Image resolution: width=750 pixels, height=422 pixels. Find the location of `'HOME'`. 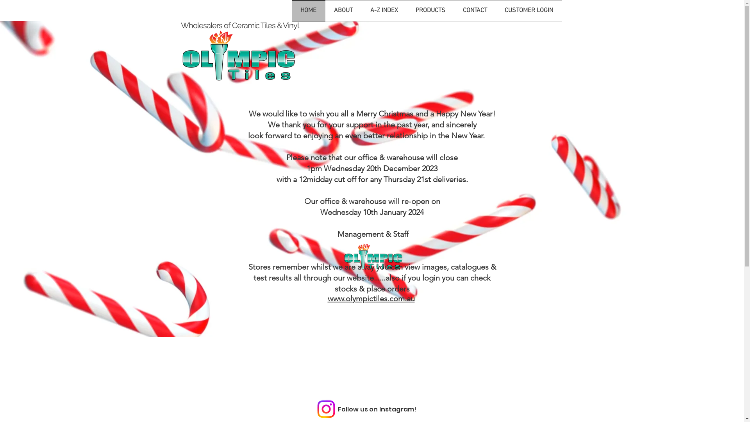

'HOME' is located at coordinates (307, 11).